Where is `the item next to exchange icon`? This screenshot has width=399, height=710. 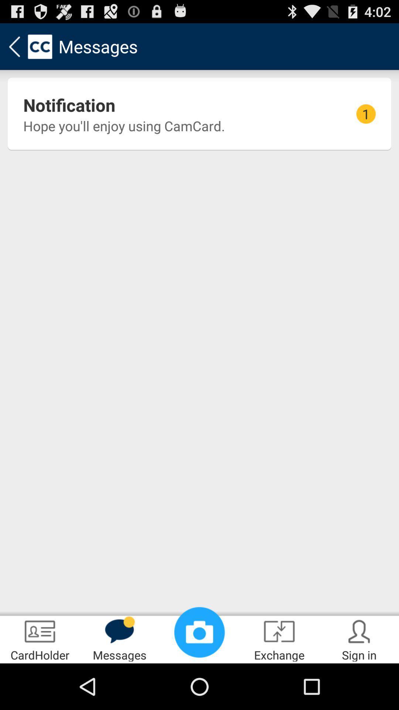 the item next to exchange icon is located at coordinates (199, 632).